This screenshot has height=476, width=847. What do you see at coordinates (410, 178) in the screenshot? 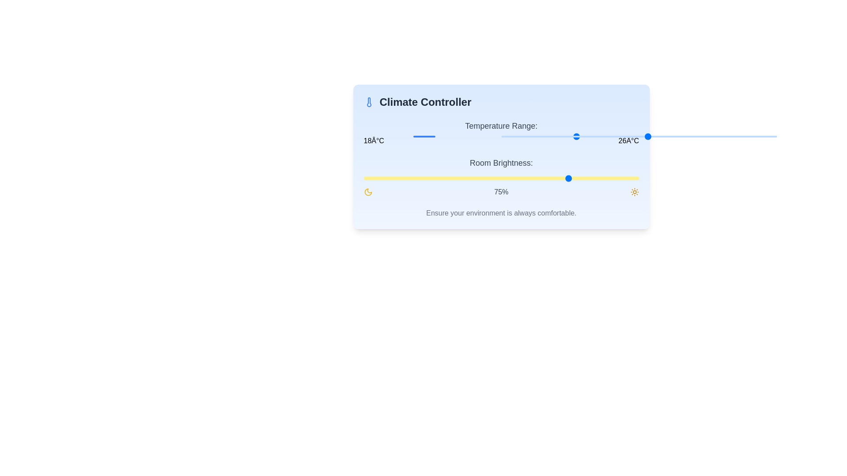
I see `the room brightness` at bounding box center [410, 178].